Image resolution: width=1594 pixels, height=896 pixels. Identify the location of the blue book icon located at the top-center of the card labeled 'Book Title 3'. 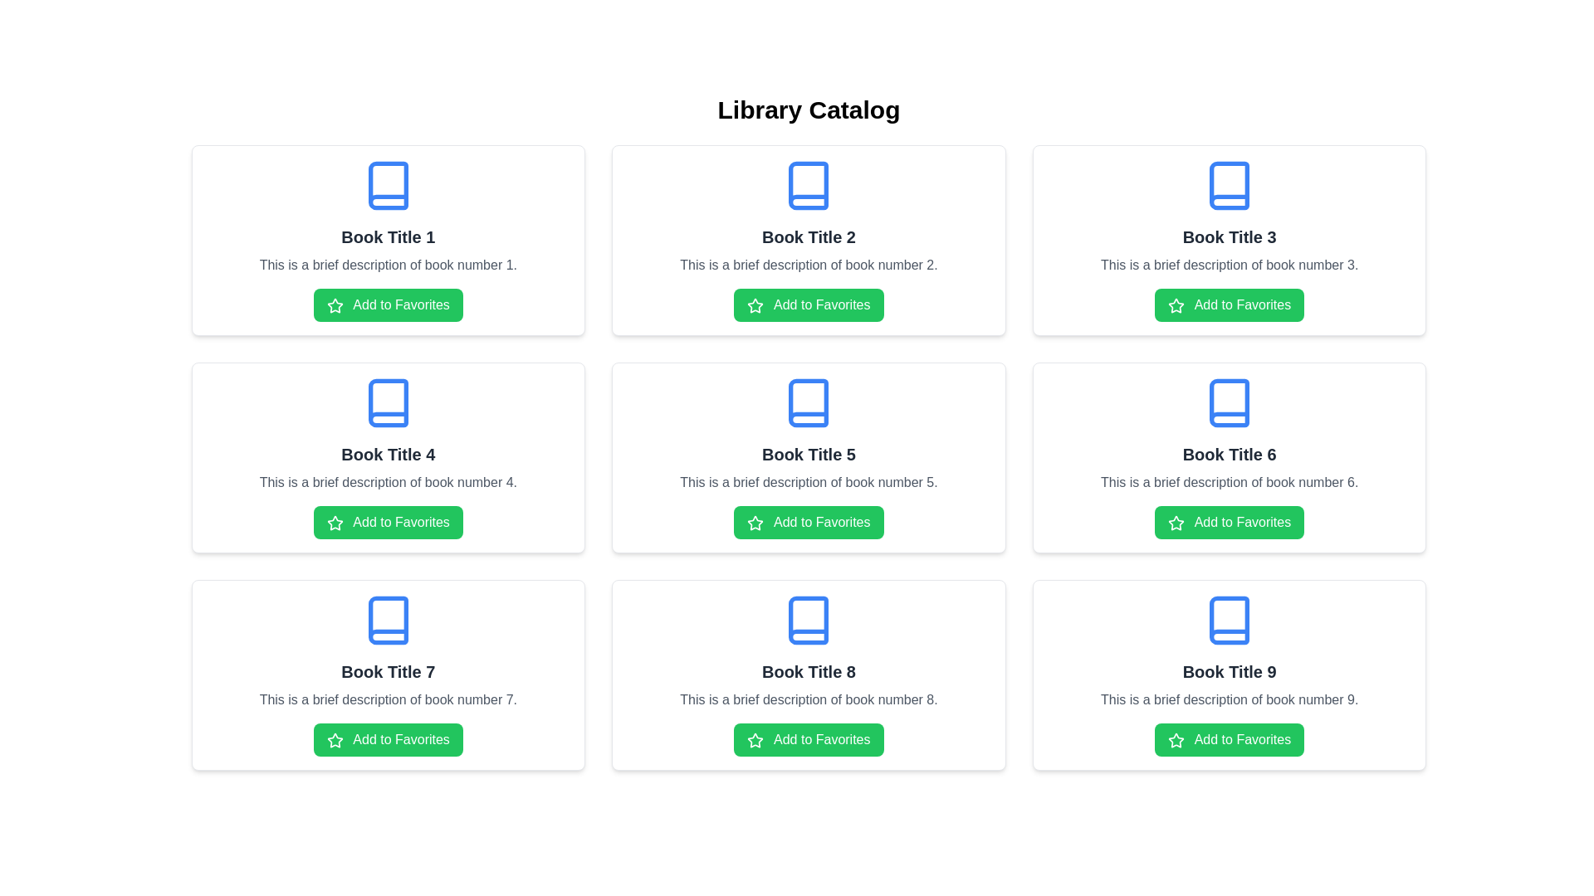
(1230, 185).